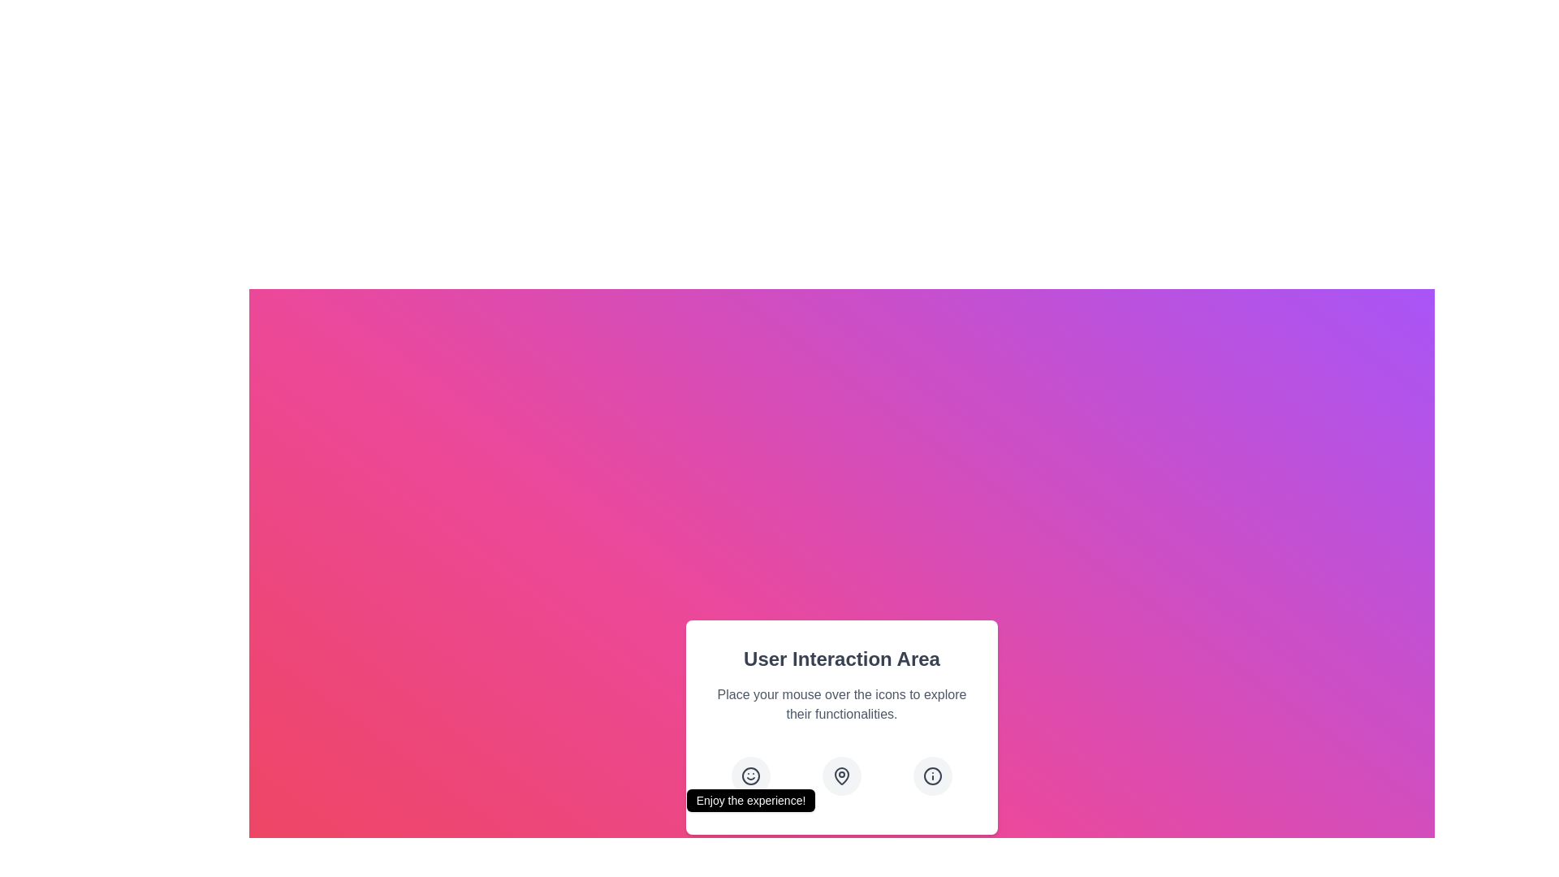 The width and height of the screenshot is (1559, 877). What do you see at coordinates (841, 775) in the screenshot?
I see `the circular pin icon with a gray outline in the grid layout under the text 'Place your mouse over the icons` at bounding box center [841, 775].